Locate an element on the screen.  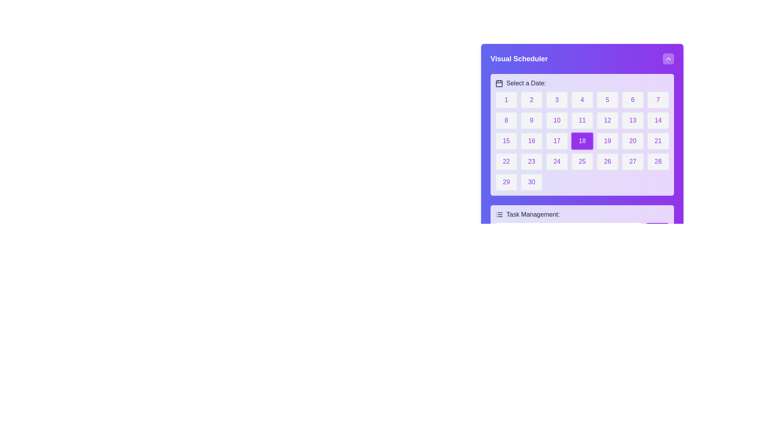
the date selector button located in the second row and first column of the calendar layout to mark the date as selected is located at coordinates (506, 120).